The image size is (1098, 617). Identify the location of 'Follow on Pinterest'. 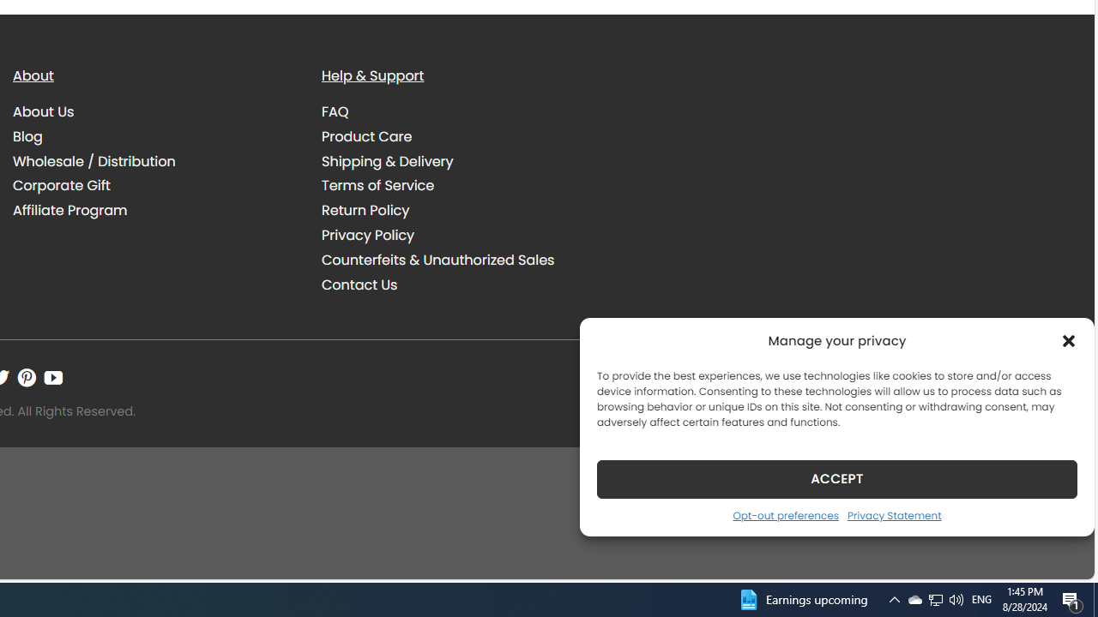
(27, 377).